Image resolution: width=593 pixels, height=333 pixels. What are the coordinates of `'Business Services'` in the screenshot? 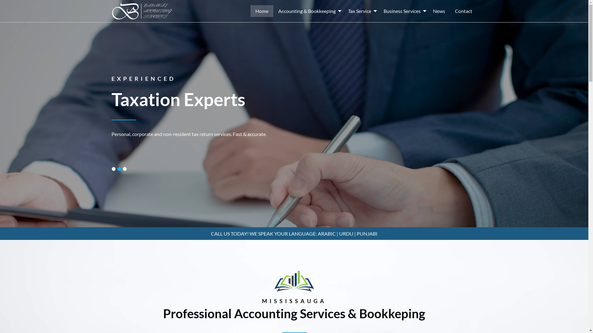 It's located at (403, 11).